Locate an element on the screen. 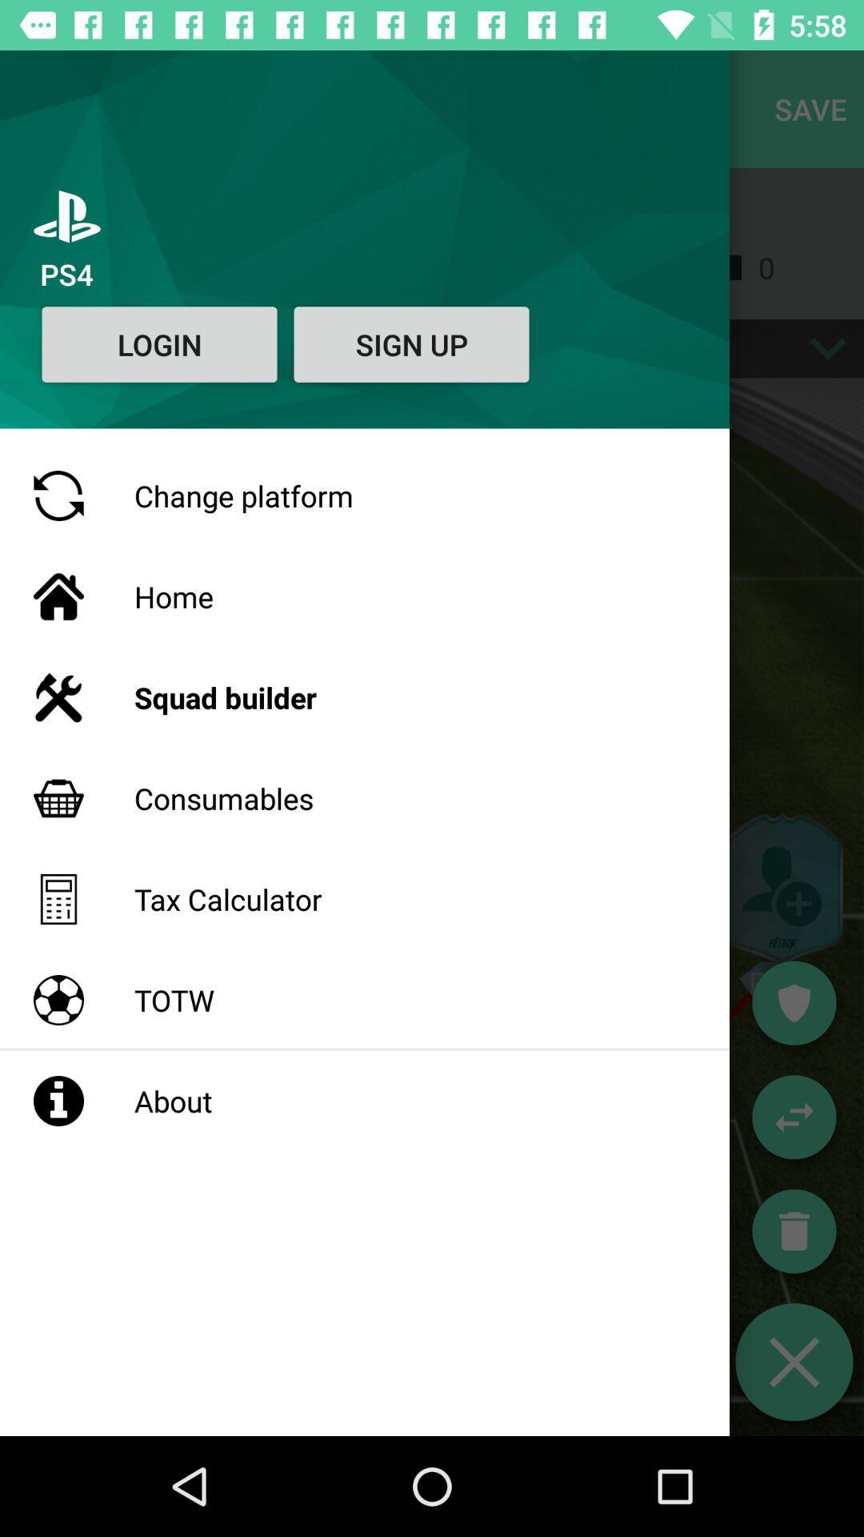 This screenshot has height=1537, width=864. the swap icon is located at coordinates (794, 1116).